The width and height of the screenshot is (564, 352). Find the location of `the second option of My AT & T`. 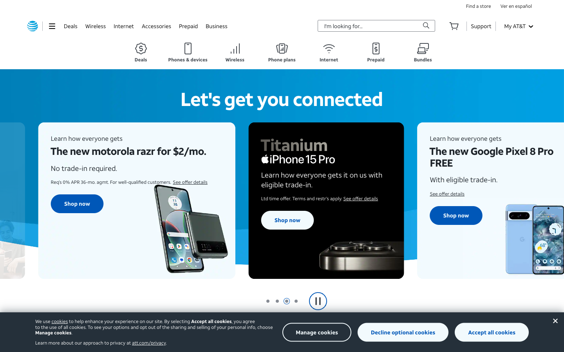

the second option of My AT & T is located at coordinates (518, 25).